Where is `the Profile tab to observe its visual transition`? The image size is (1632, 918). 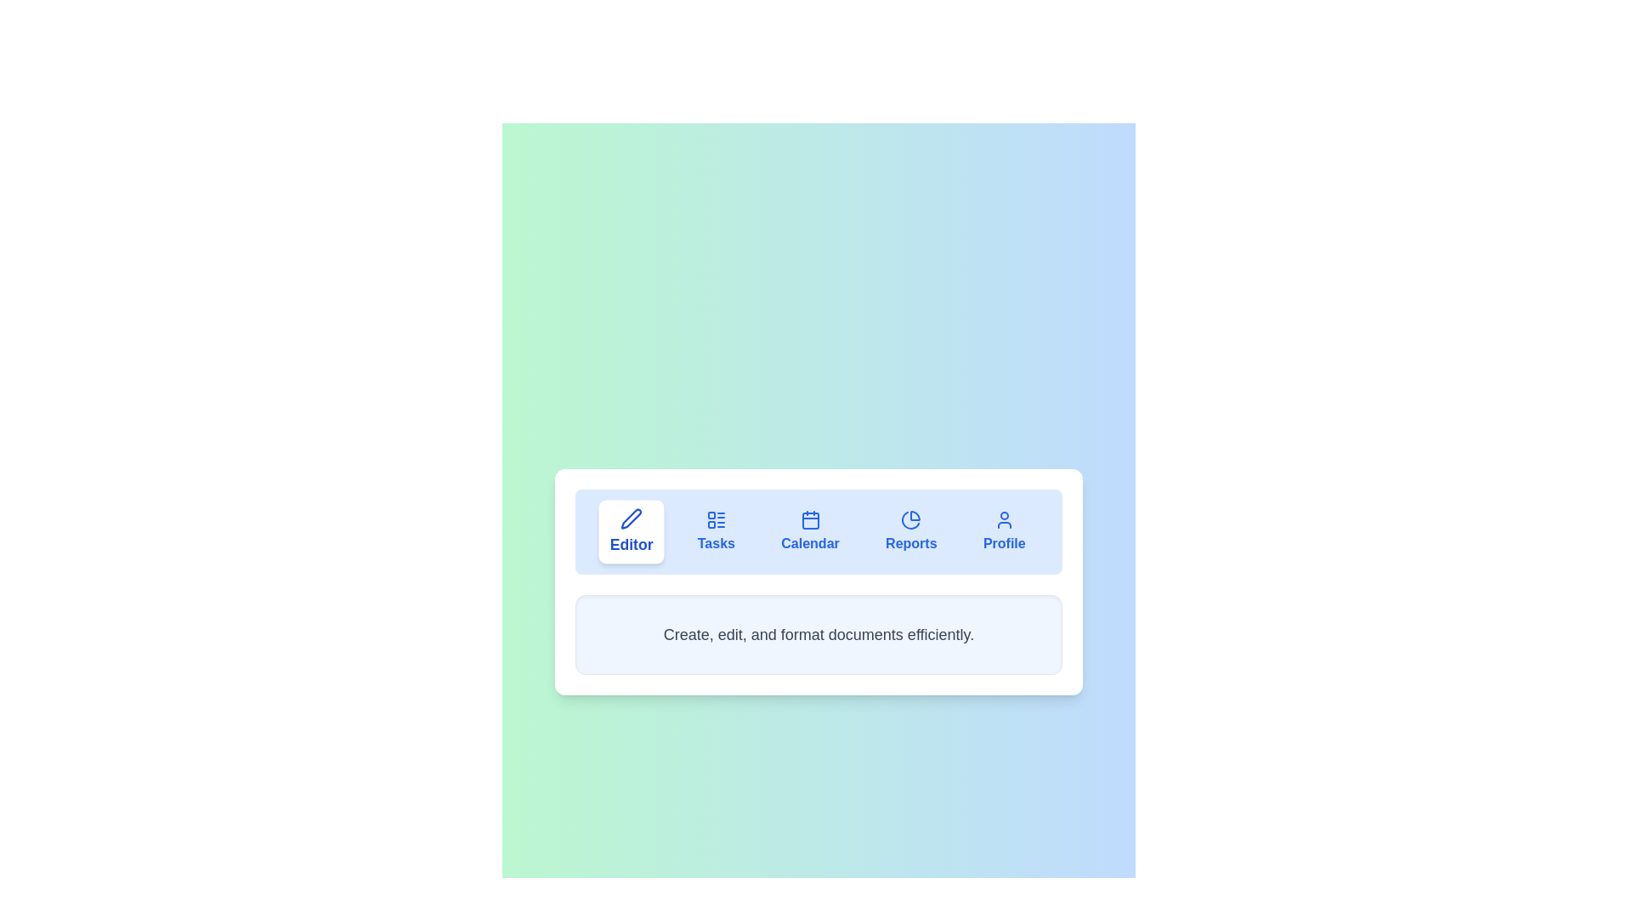
the Profile tab to observe its visual transition is located at coordinates (1004, 530).